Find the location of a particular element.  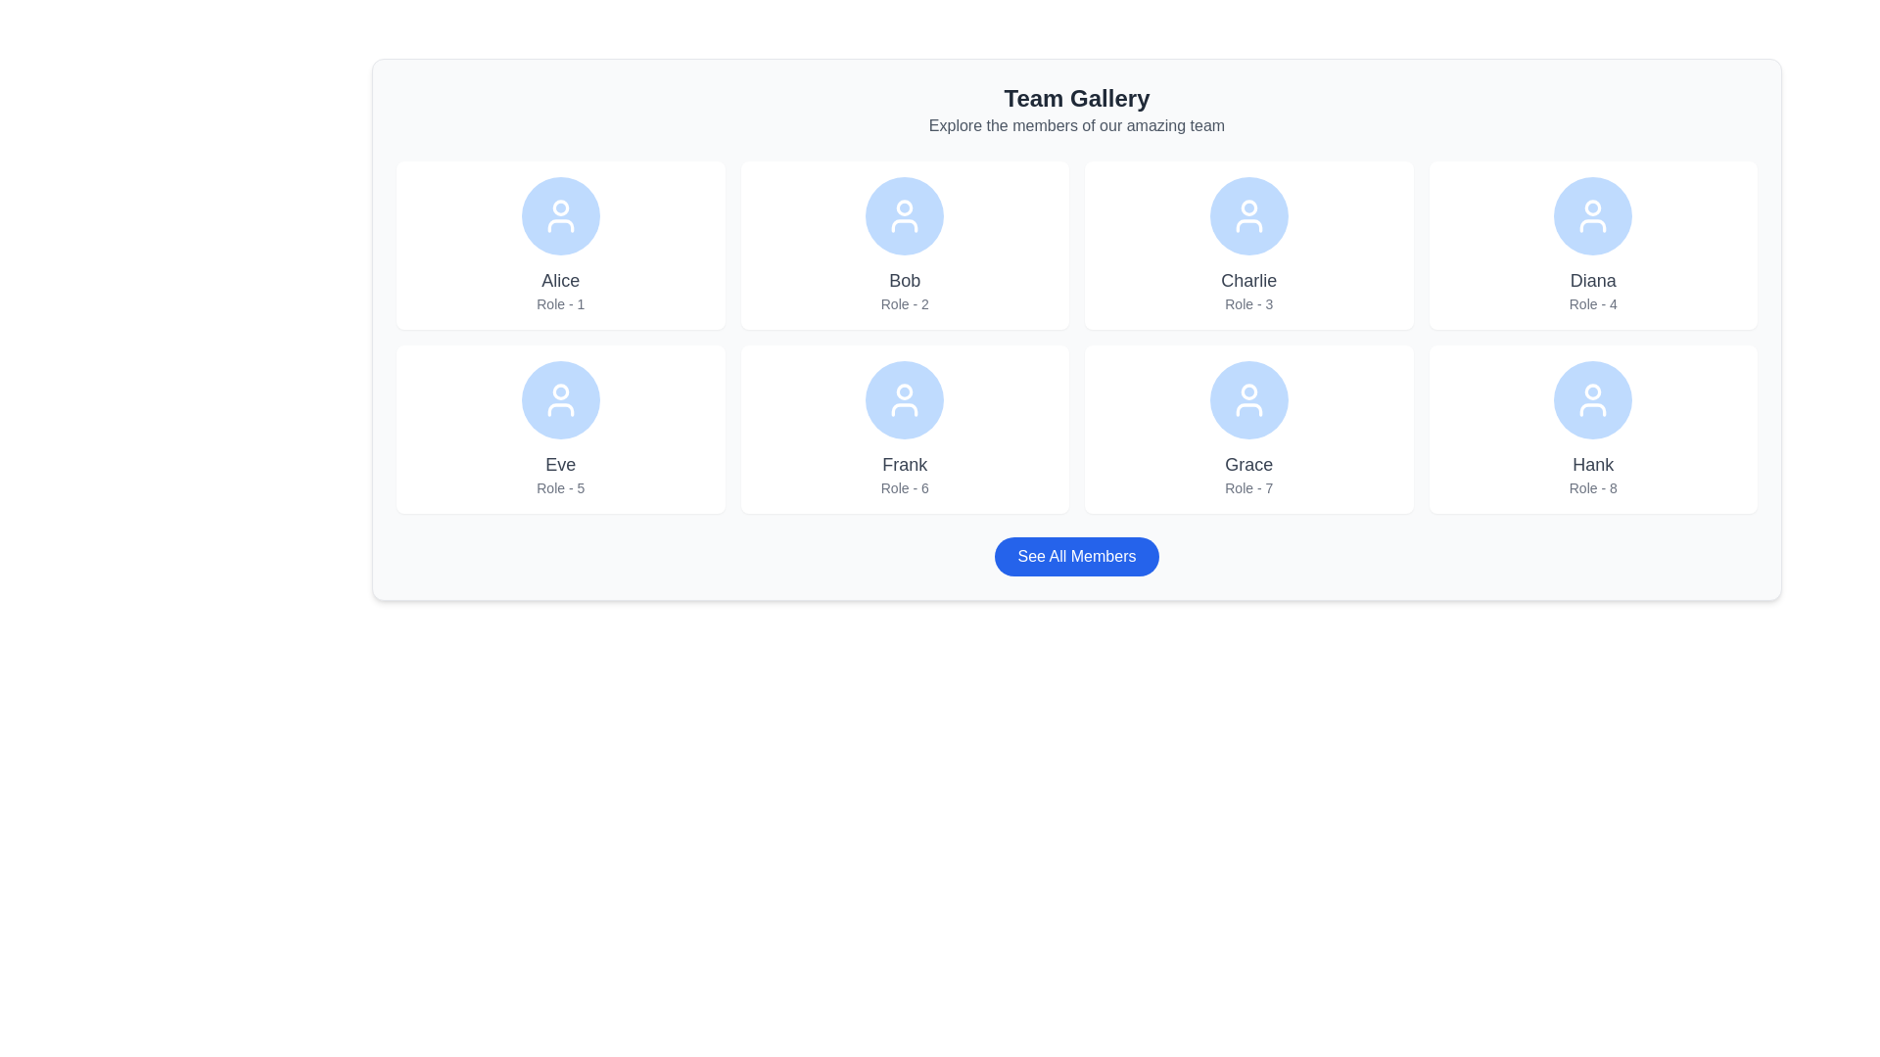

the button located centrally at the bottom of the 'Team Gallery' section is located at coordinates (1075, 557).